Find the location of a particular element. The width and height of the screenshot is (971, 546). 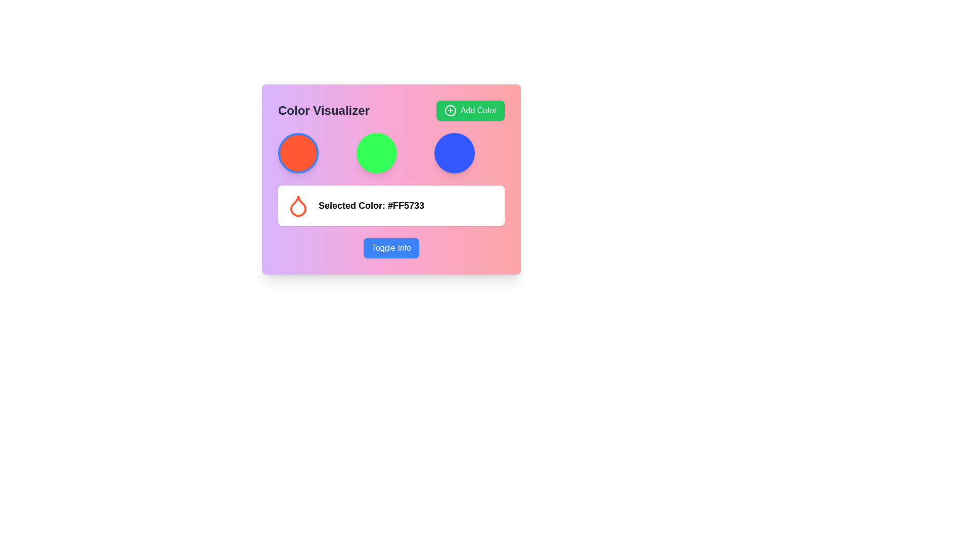

the Information Display that indicates the currently selected color and its hexadecimal code, located in the center-left region underneath the row of circular color buttons is located at coordinates (390, 205).